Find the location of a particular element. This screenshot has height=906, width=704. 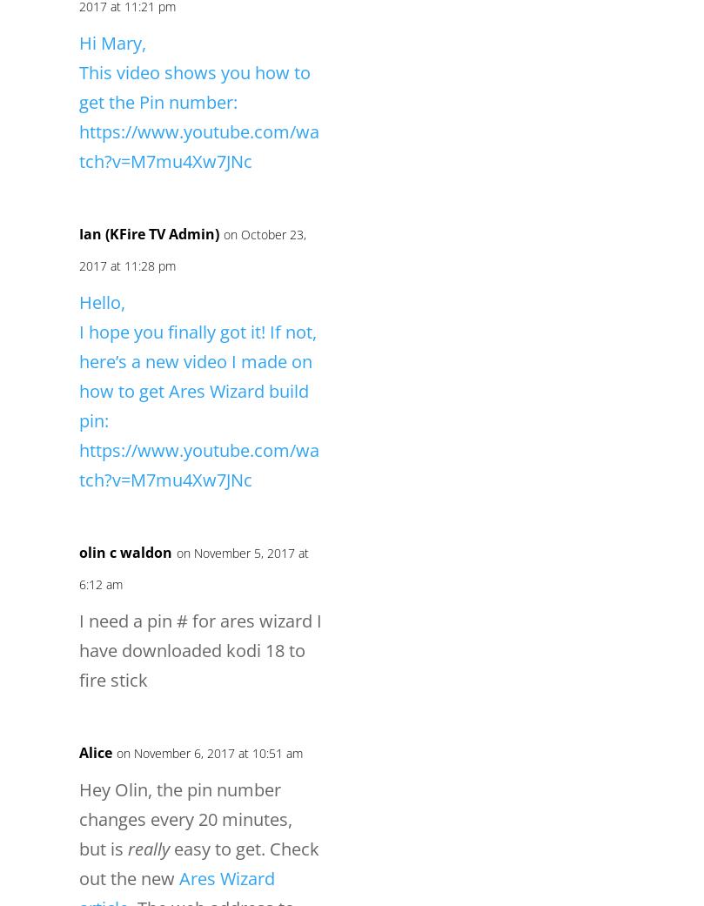

'Hi Mary,' is located at coordinates (112, 42).